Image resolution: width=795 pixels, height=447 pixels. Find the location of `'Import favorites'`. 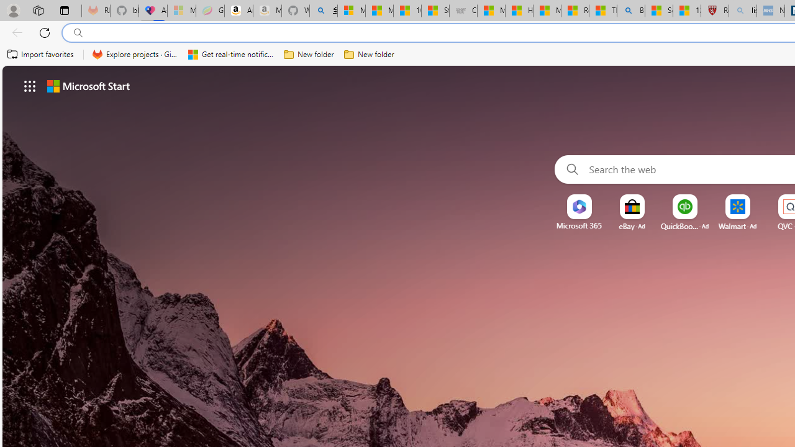

'Import favorites' is located at coordinates (40, 54).